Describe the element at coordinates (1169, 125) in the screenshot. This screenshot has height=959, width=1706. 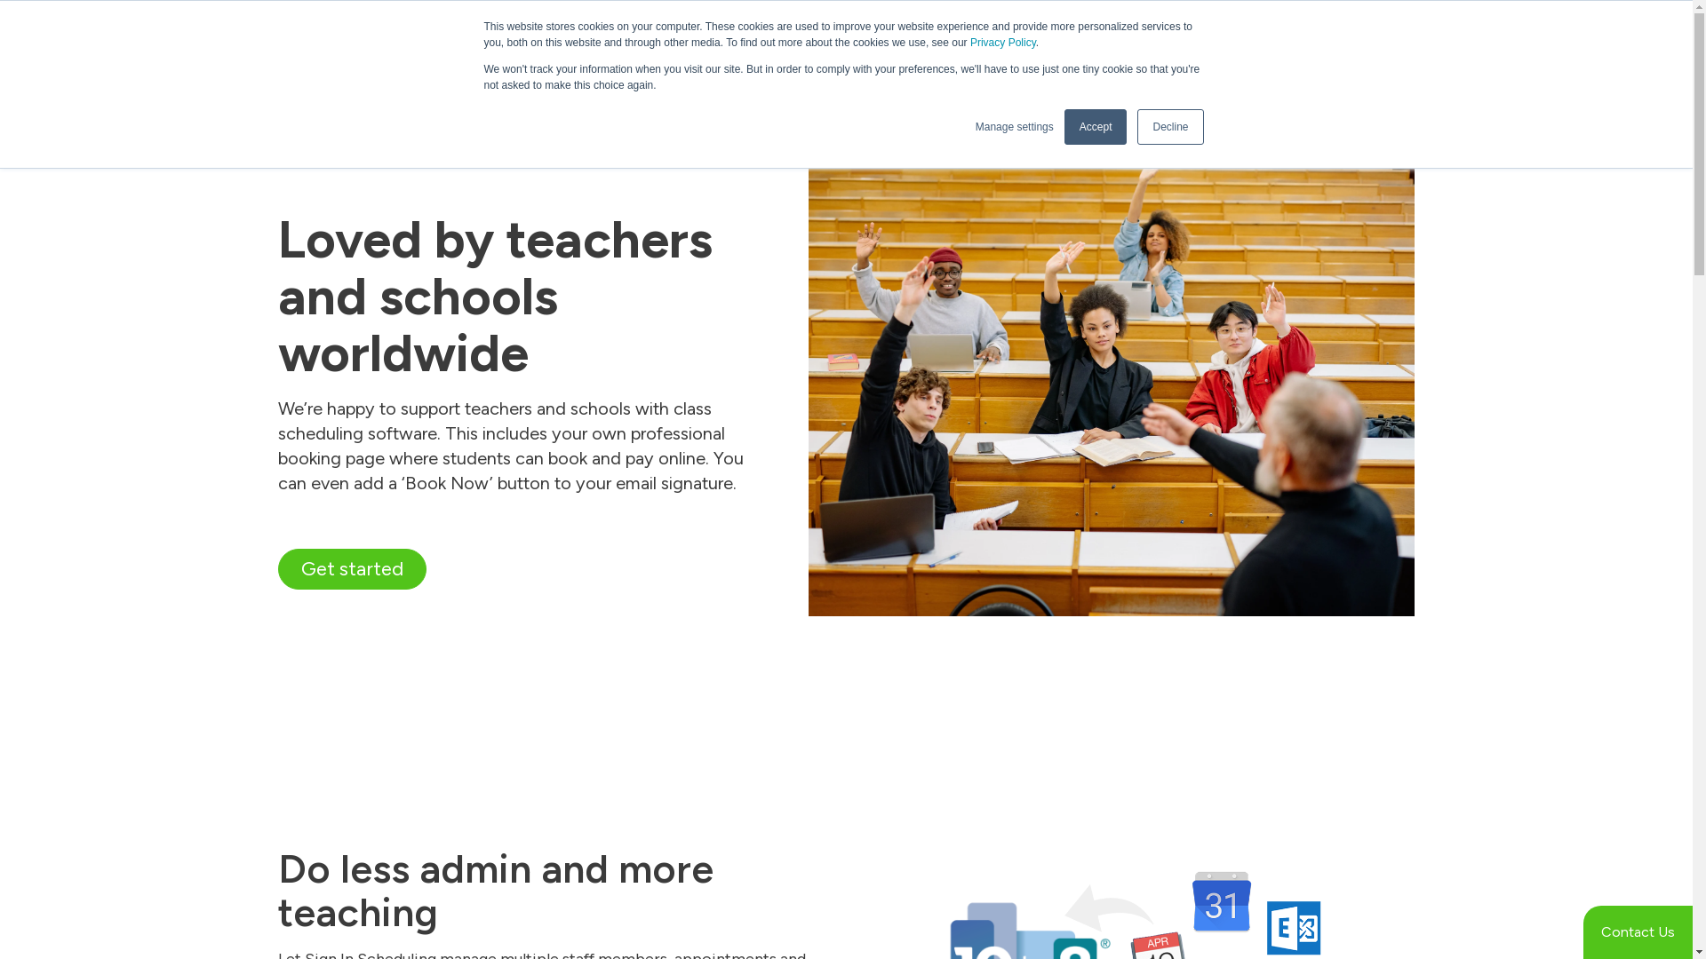
I see `'Decline'` at that location.